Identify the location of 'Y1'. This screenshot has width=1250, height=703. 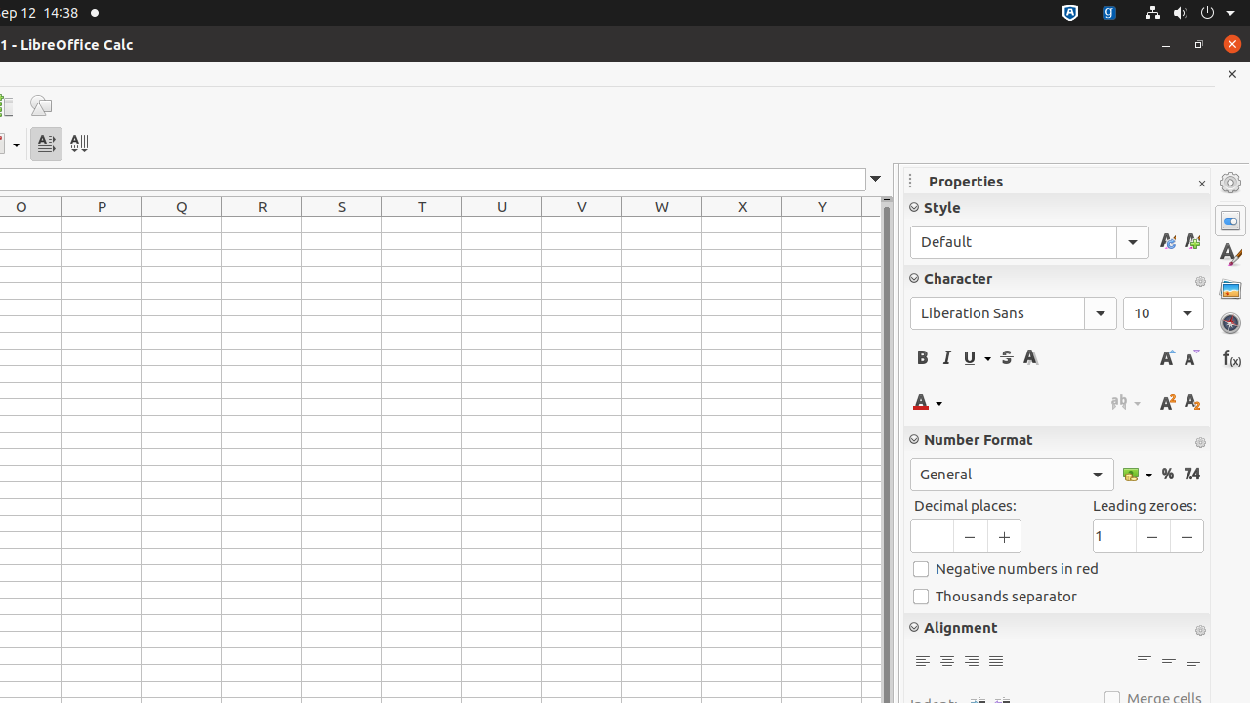
(821, 224).